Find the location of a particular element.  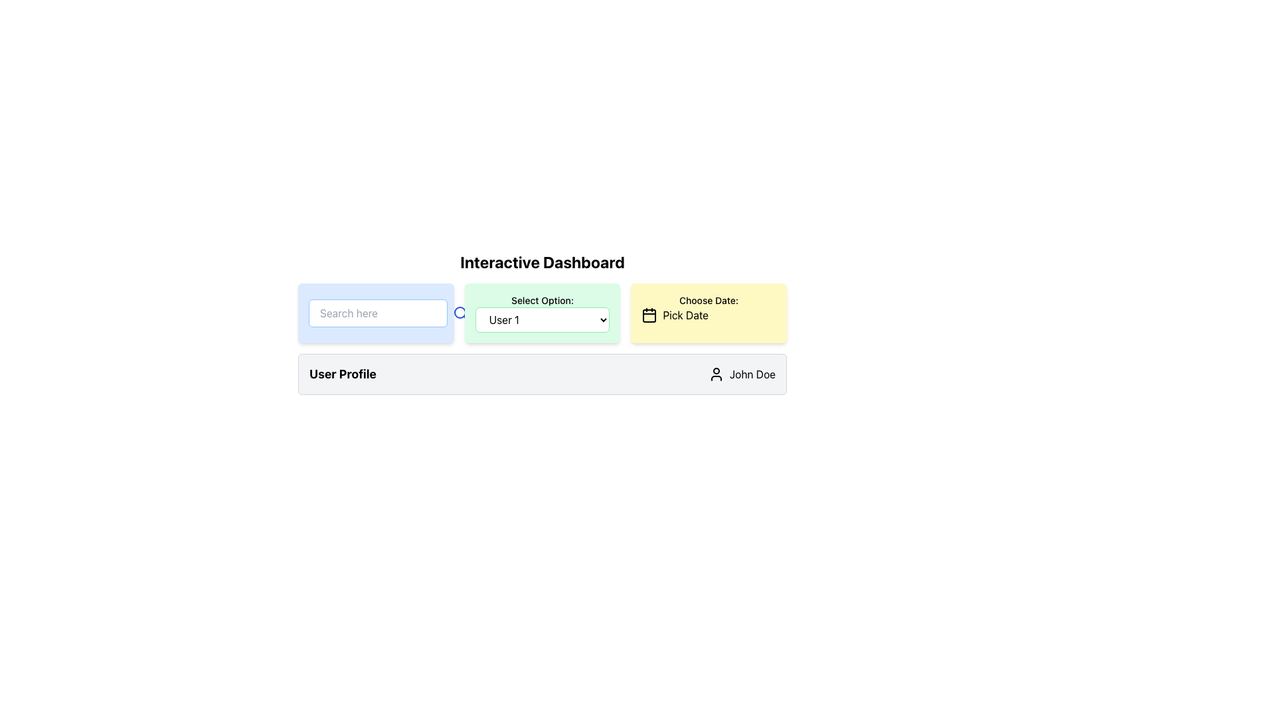

the blue-themed text input field labeled 'Search here' is located at coordinates (375, 313).